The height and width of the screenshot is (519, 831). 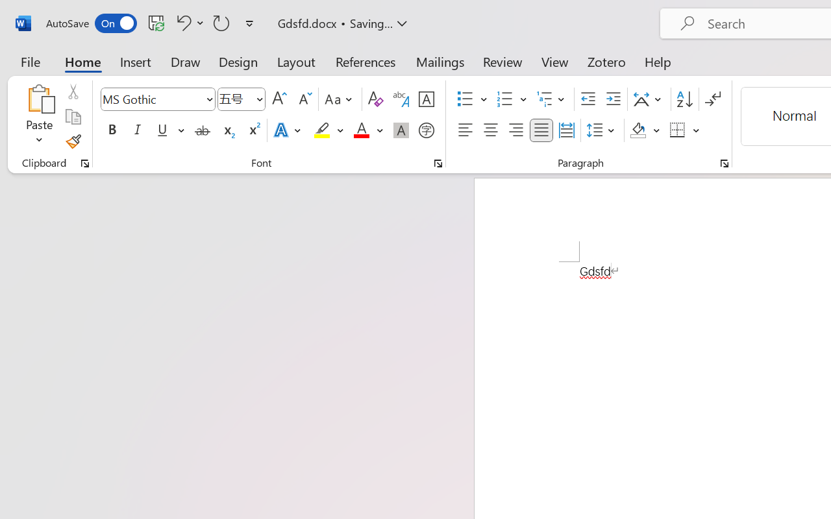 What do you see at coordinates (602, 130) in the screenshot?
I see `'Line and Paragraph Spacing'` at bounding box center [602, 130].